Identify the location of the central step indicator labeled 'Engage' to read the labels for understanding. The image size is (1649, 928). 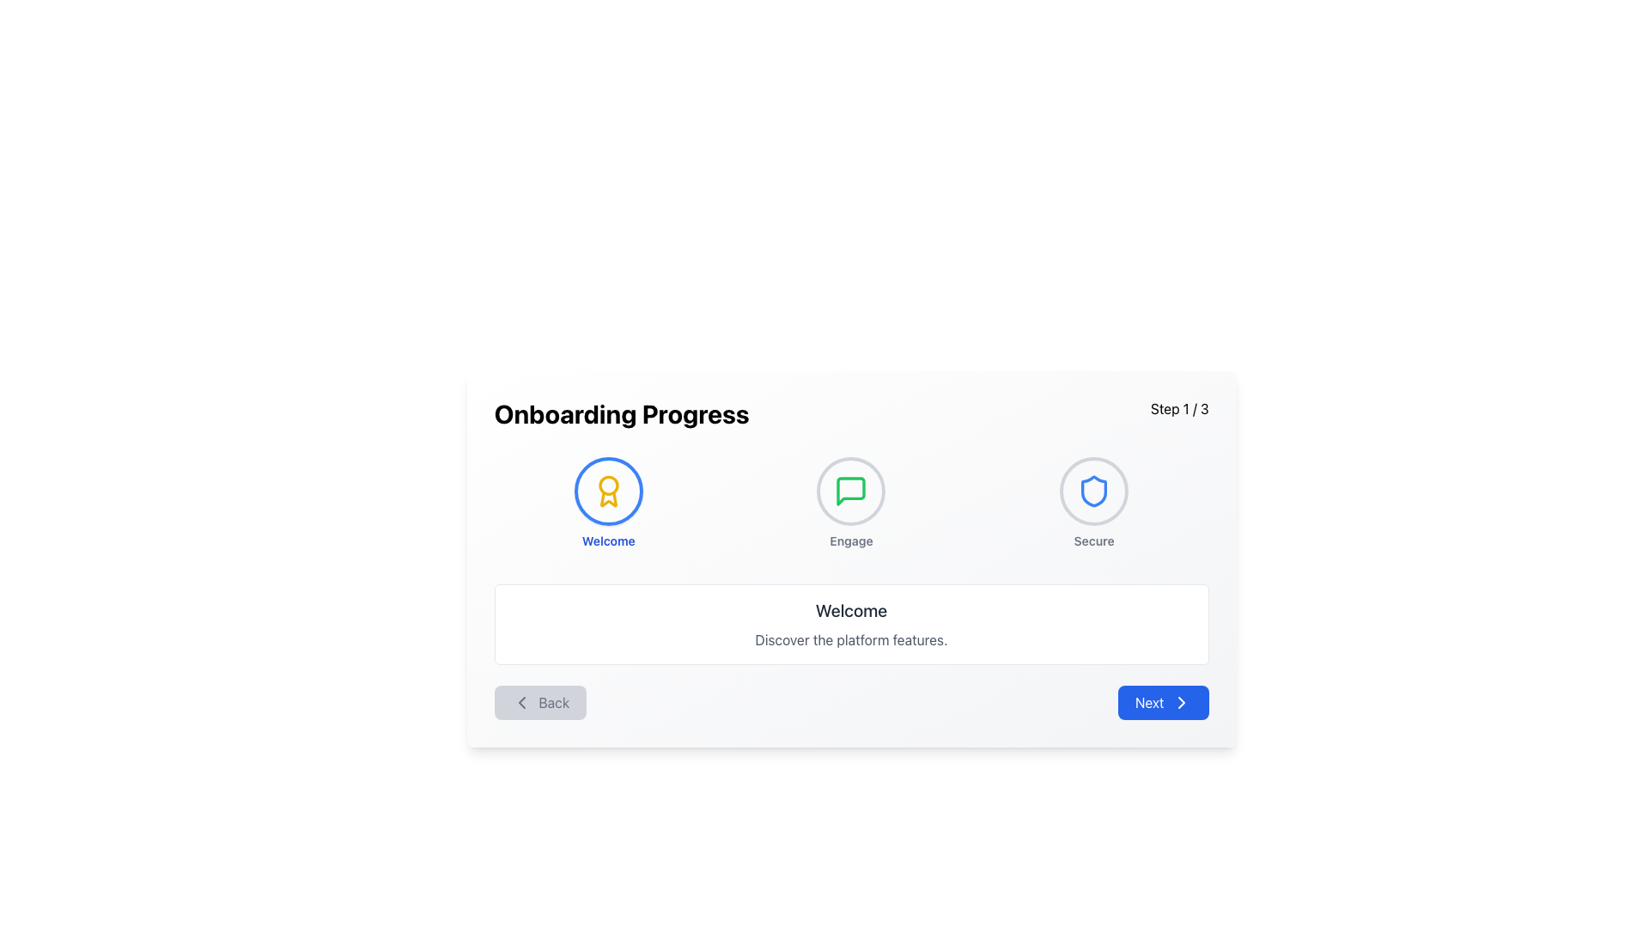
(851, 503).